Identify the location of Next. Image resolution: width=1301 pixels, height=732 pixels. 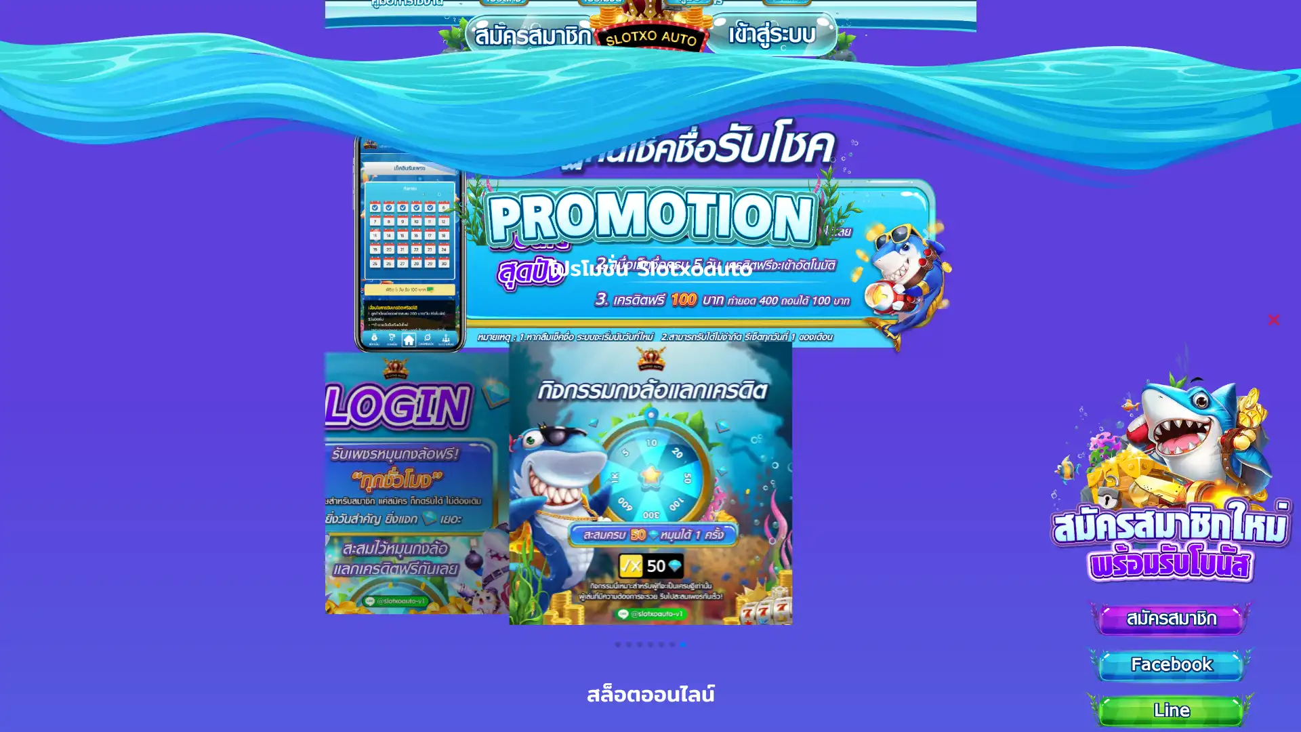
(926, 234).